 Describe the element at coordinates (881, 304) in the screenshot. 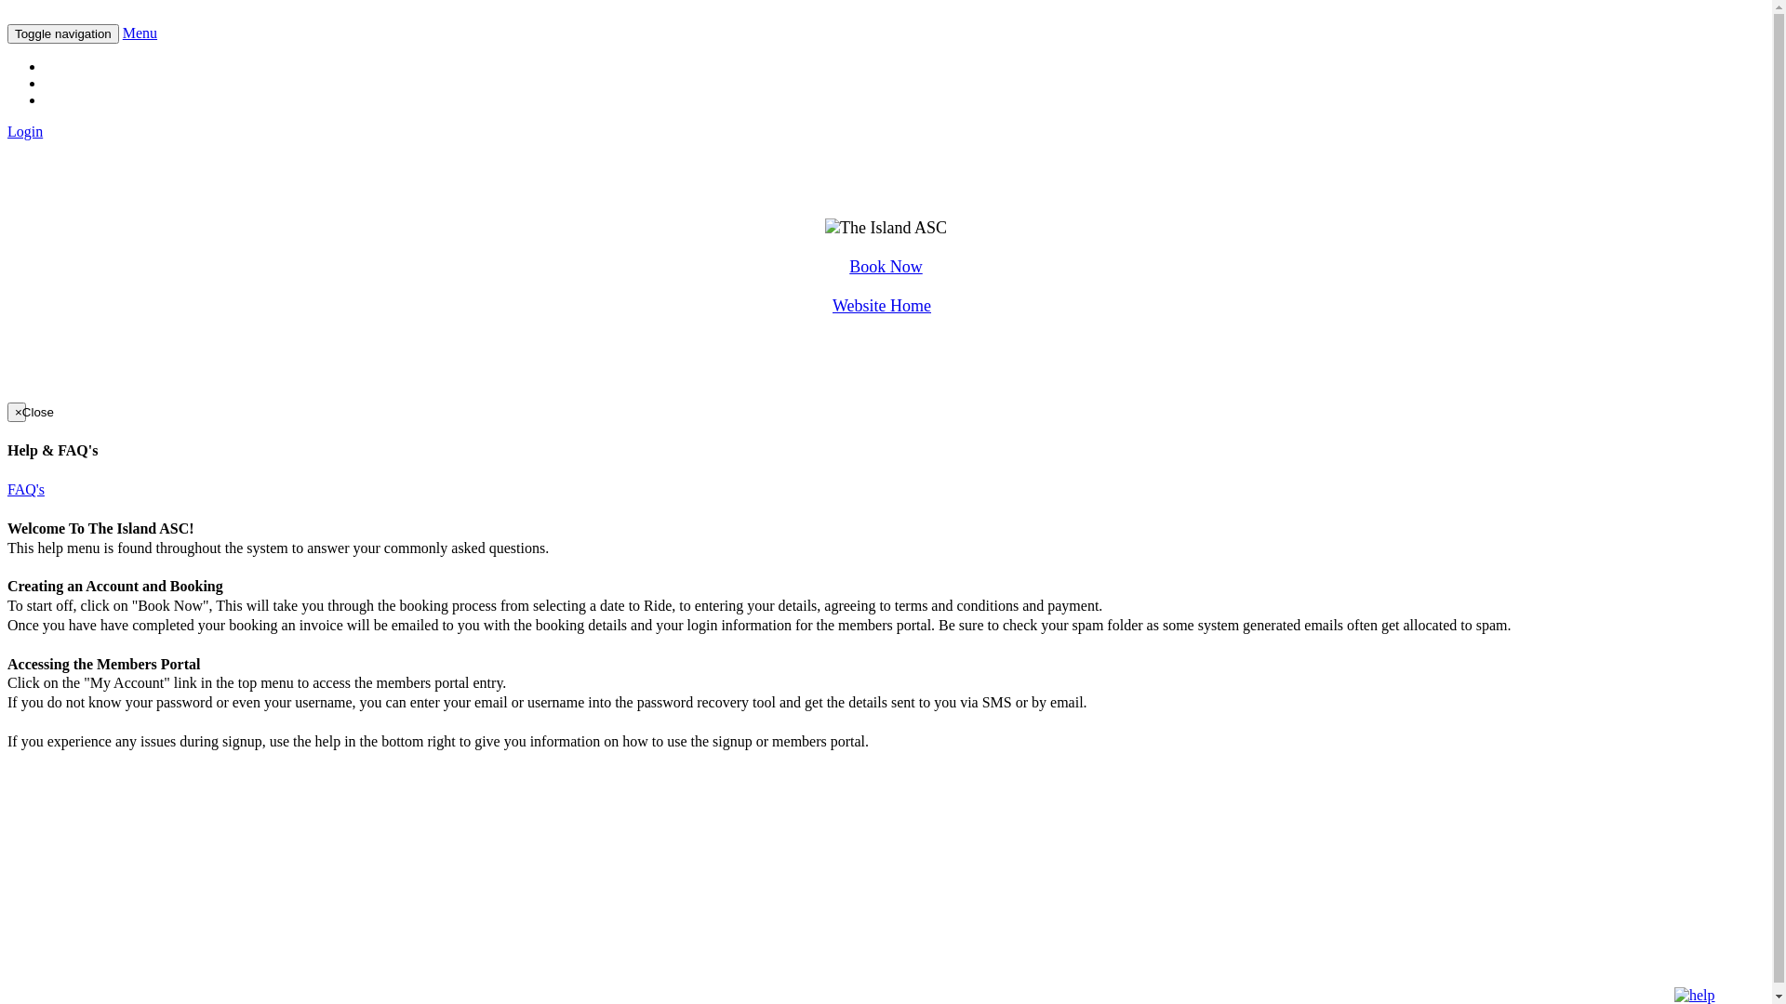

I see `'Website Home'` at that location.